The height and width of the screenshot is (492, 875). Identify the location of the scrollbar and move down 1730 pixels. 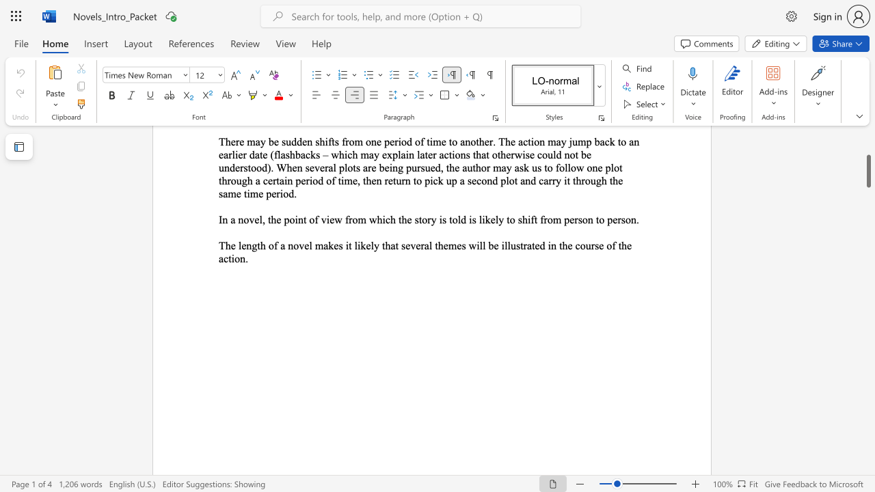
(867, 170).